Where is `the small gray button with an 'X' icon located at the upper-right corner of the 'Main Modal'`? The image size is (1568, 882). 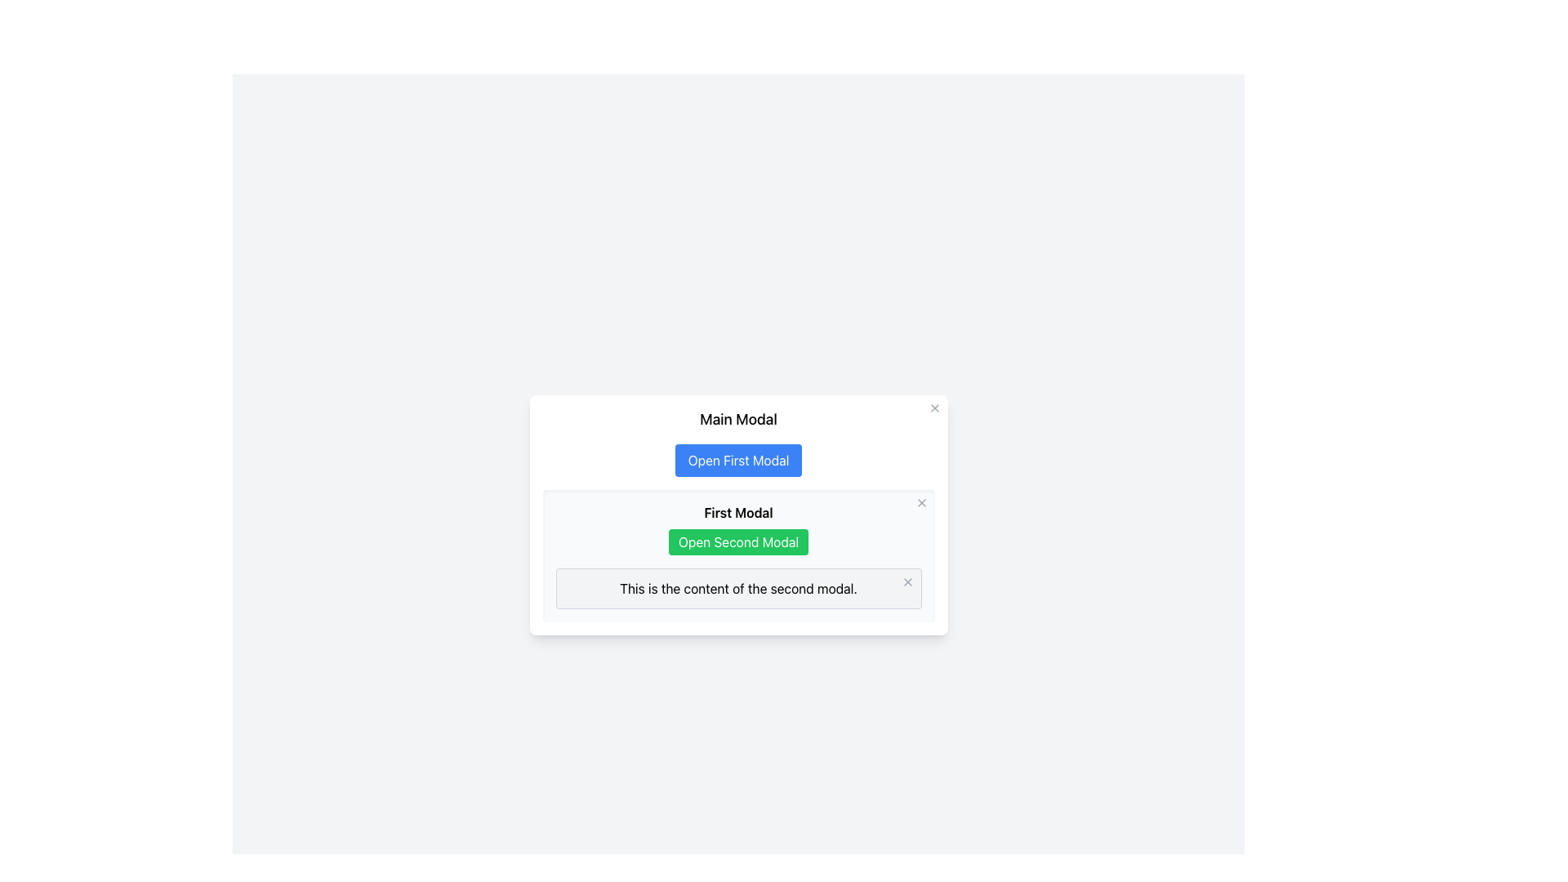
the small gray button with an 'X' icon located at the upper-right corner of the 'Main Modal' is located at coordinates (934, 408).